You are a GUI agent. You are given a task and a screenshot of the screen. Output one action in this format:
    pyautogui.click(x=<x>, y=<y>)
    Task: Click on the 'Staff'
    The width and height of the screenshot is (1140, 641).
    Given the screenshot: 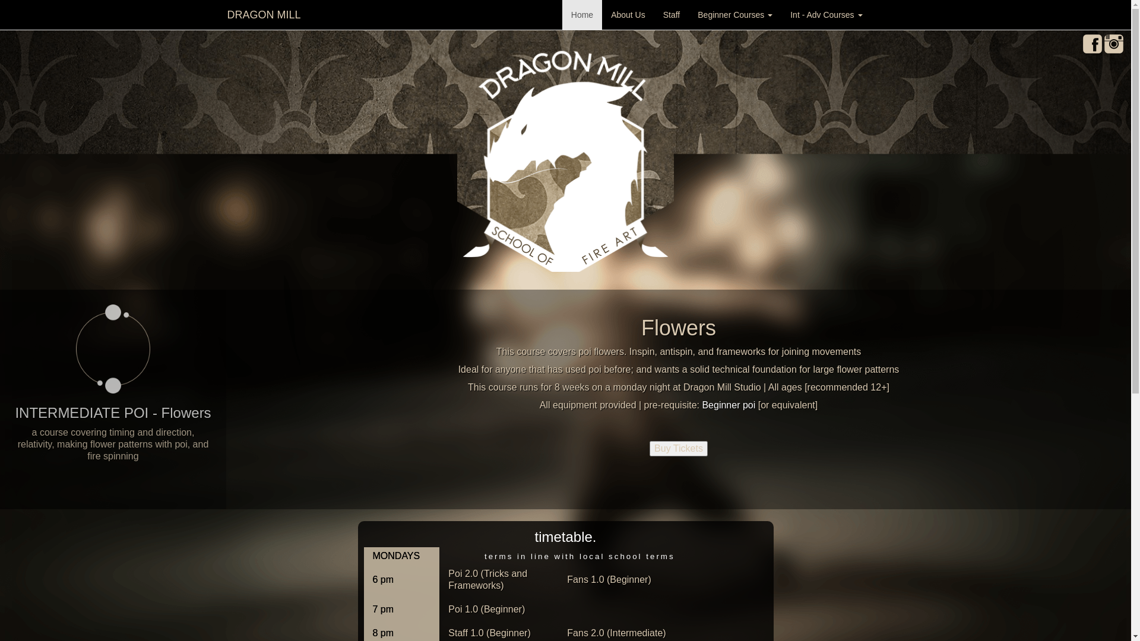 What is the action you would take?
    pyautogui.click(x=672, y=14)
    